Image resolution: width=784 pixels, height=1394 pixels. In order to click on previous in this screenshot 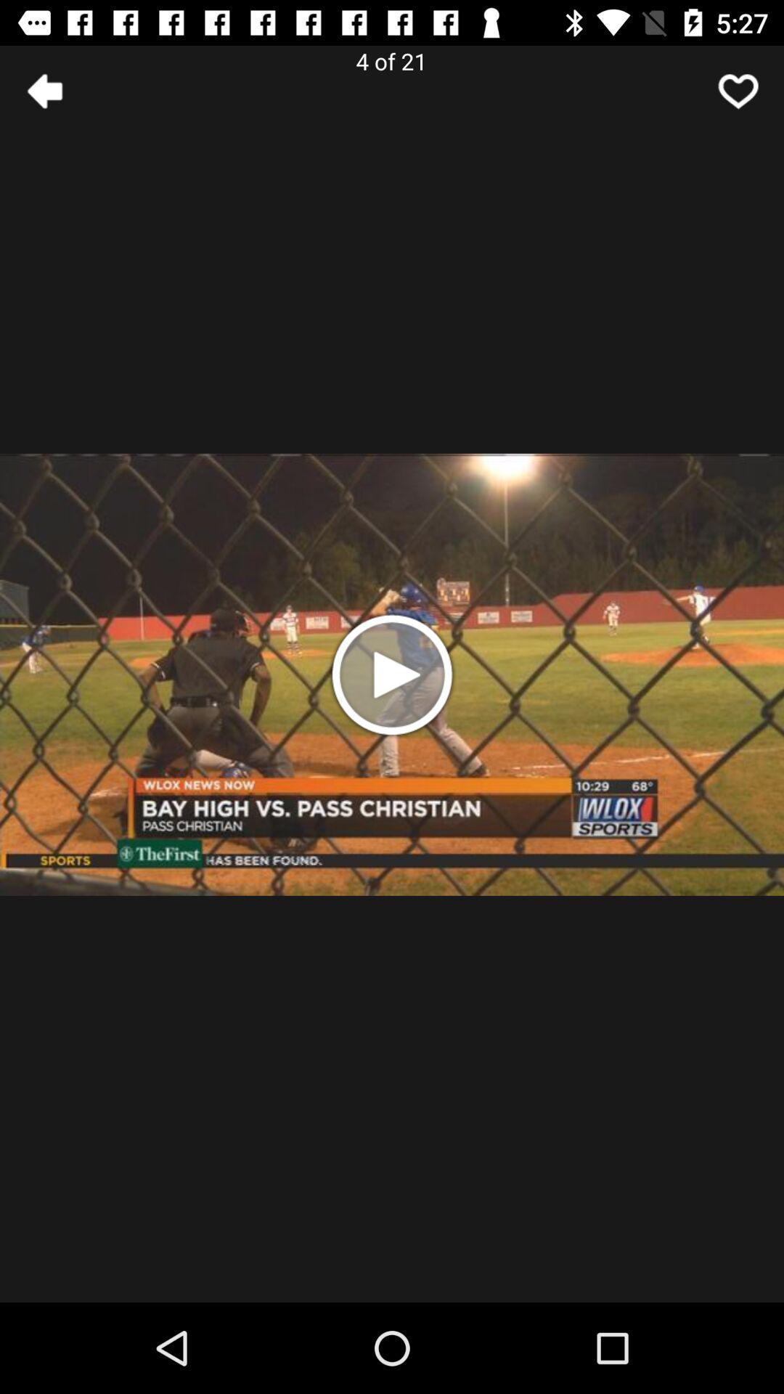, I will do `click(44, 90)`.